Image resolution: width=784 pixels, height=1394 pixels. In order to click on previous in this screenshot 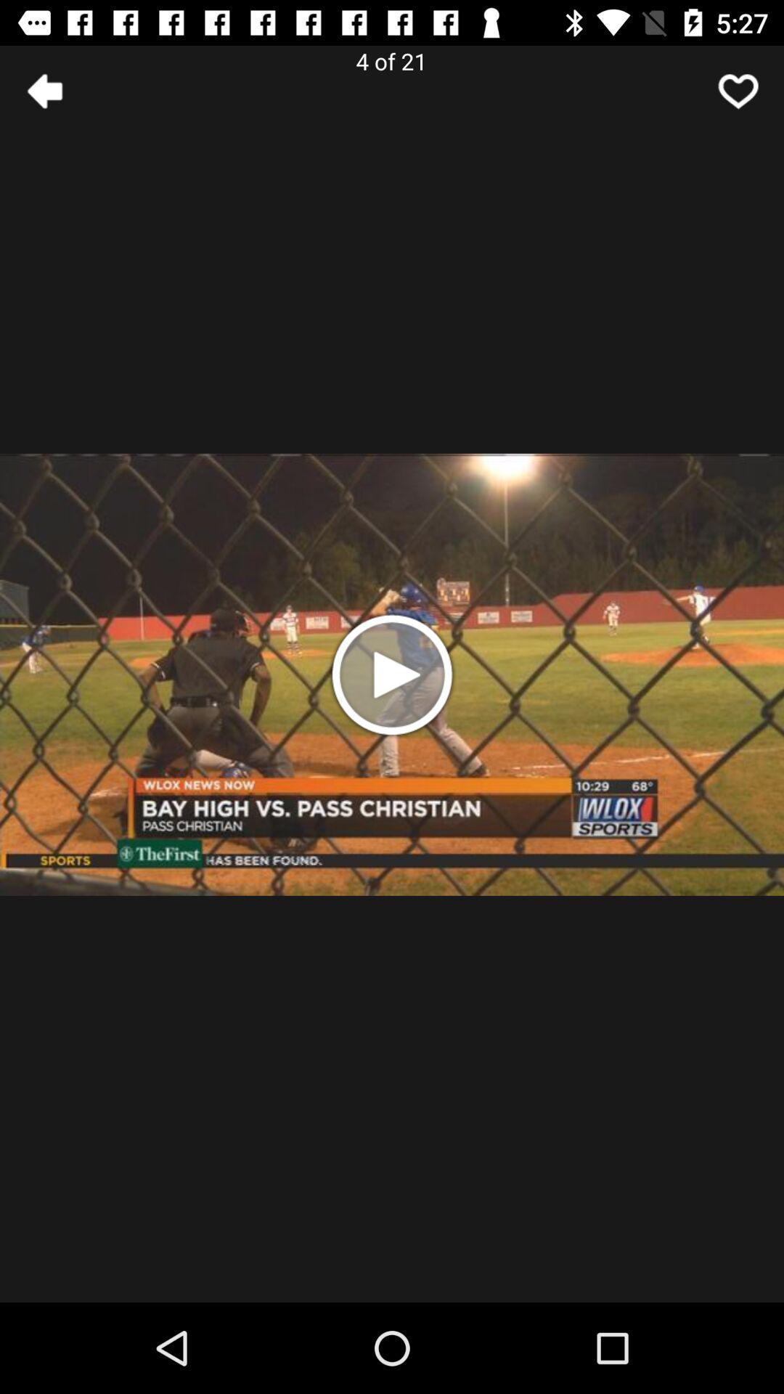, I will do `click(44, 90)`.